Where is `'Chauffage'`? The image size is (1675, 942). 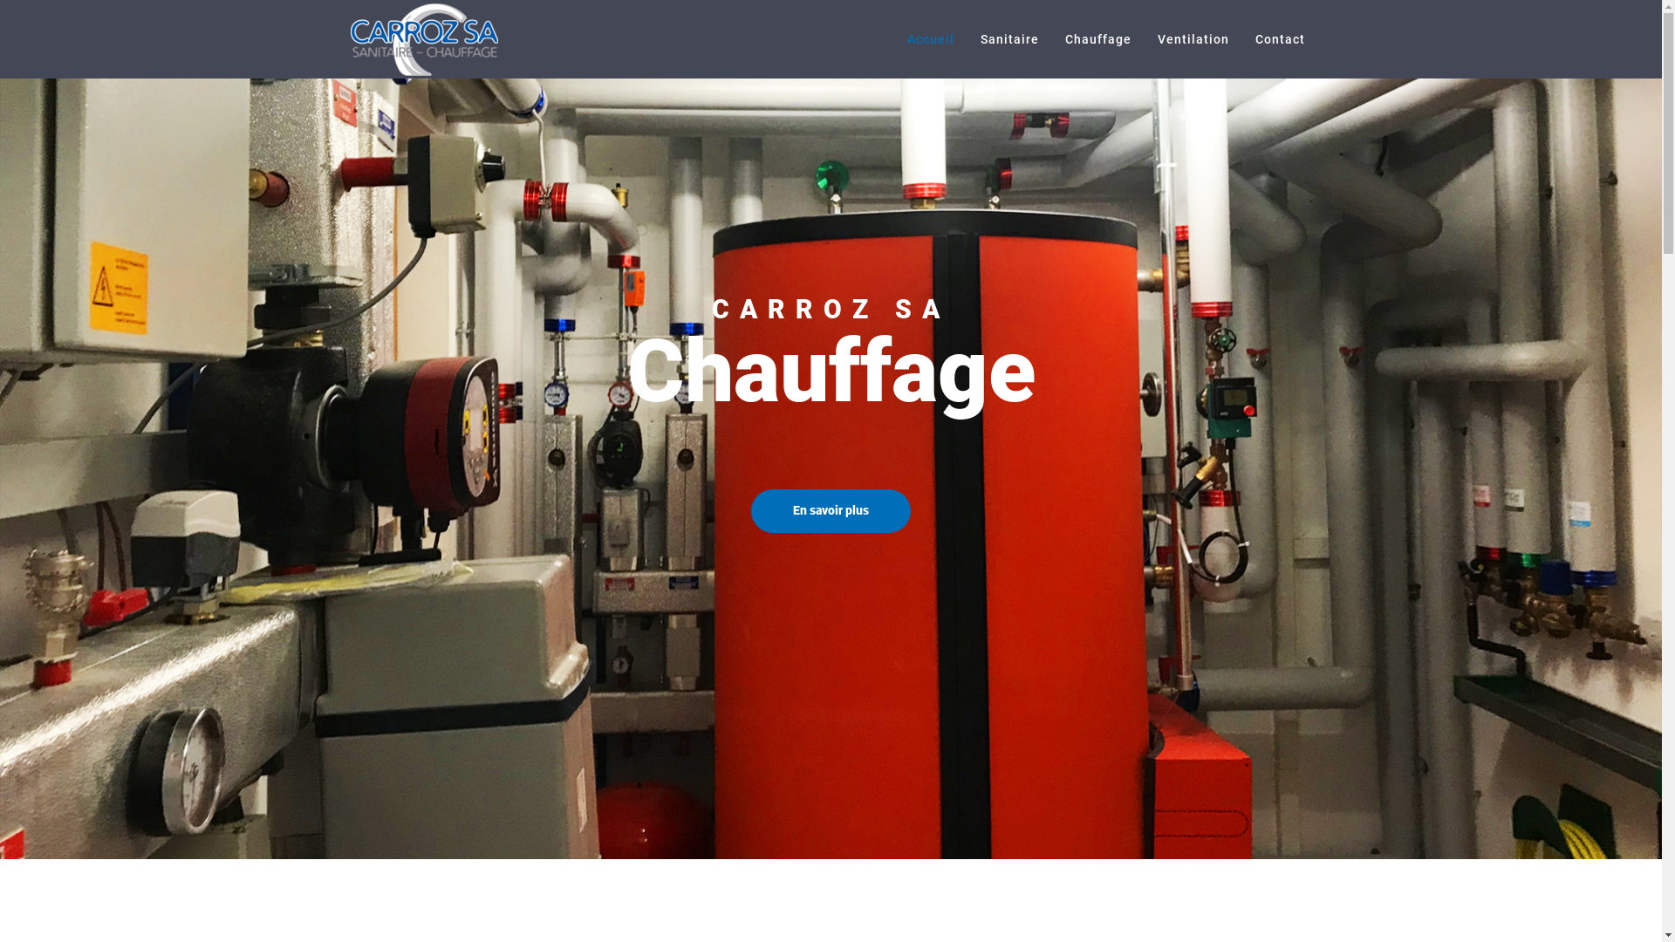 'Chauffage' is located at coordinates (1097, 39).